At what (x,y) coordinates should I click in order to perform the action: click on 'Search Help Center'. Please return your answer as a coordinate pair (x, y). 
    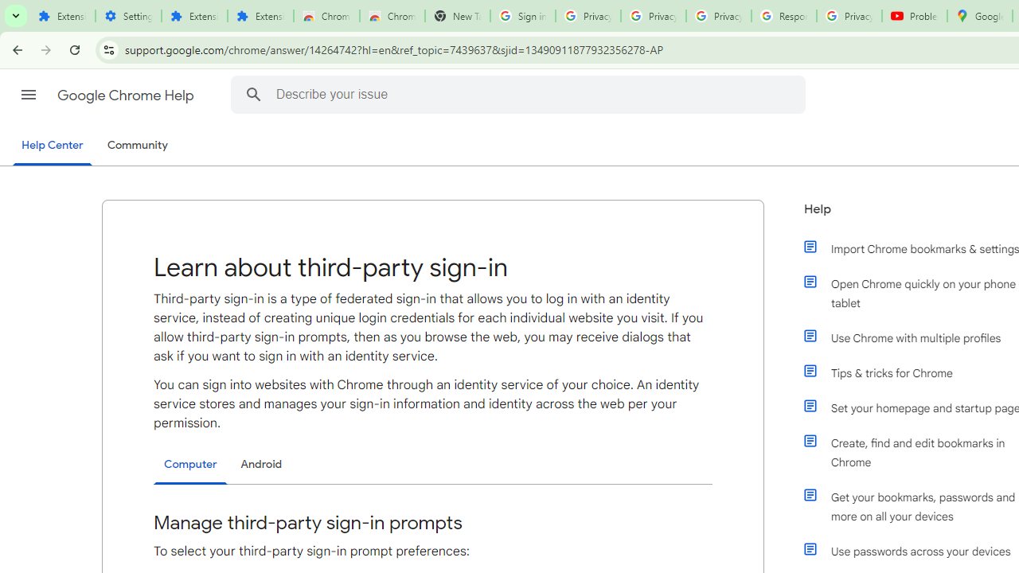
    Looking at the image, I should click on (252, 94).